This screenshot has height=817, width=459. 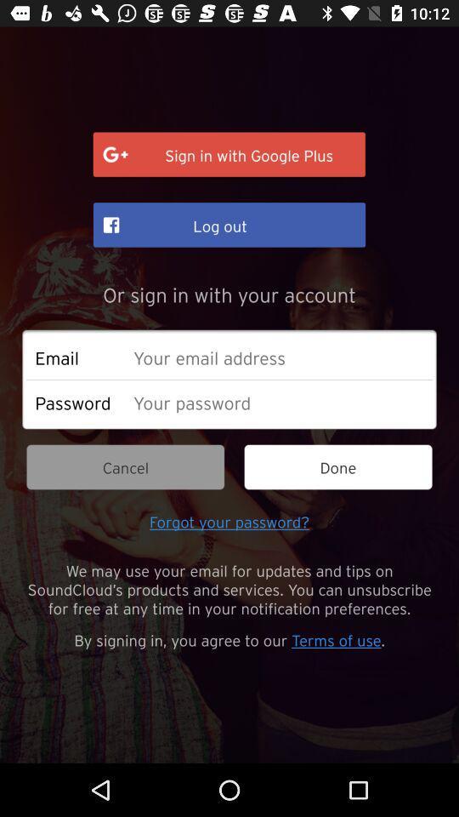 I want to click on cancel, so click(x=124, y=467).